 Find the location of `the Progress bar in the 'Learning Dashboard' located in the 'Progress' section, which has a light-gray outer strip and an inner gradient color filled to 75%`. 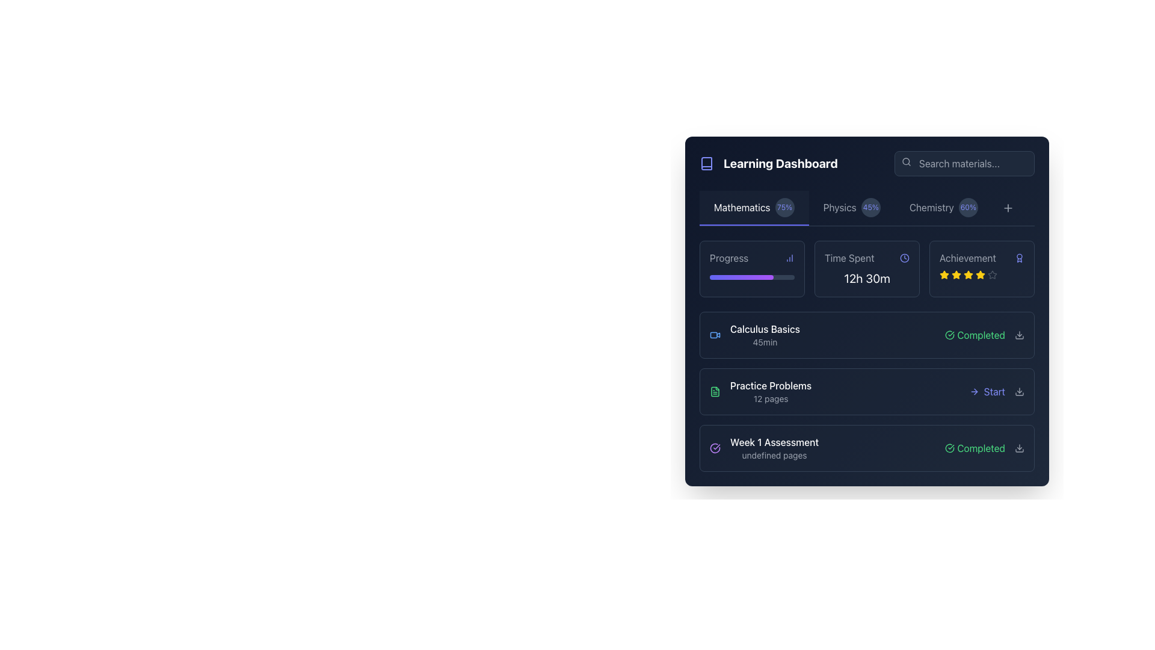

the Progress bar in the 'Learning Dashboard' located in the 'Progress' section, which has a light-gray outer strip and an inner gradient color filled to 75% is located at coordinates (751, 277).